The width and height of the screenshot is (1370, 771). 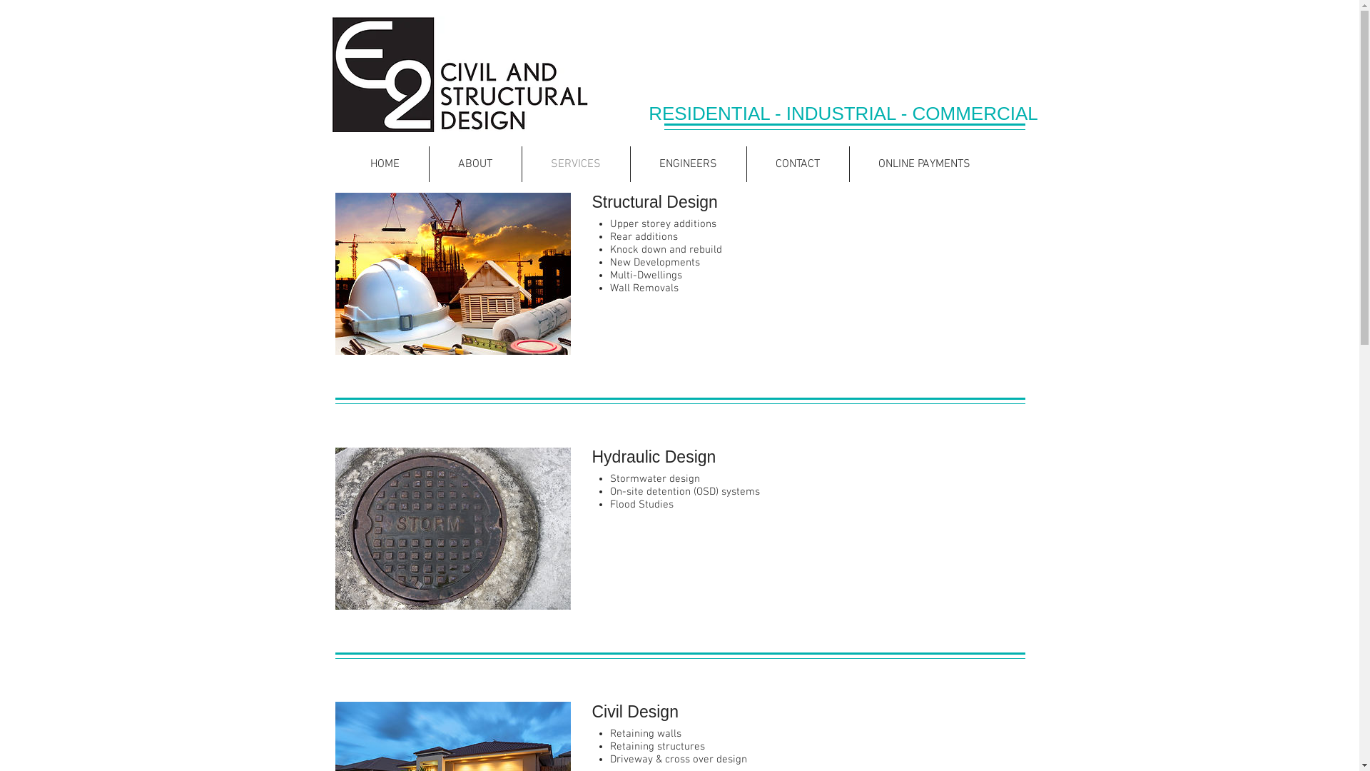 I want to click on 'HOME', so click(x=384, y=163).